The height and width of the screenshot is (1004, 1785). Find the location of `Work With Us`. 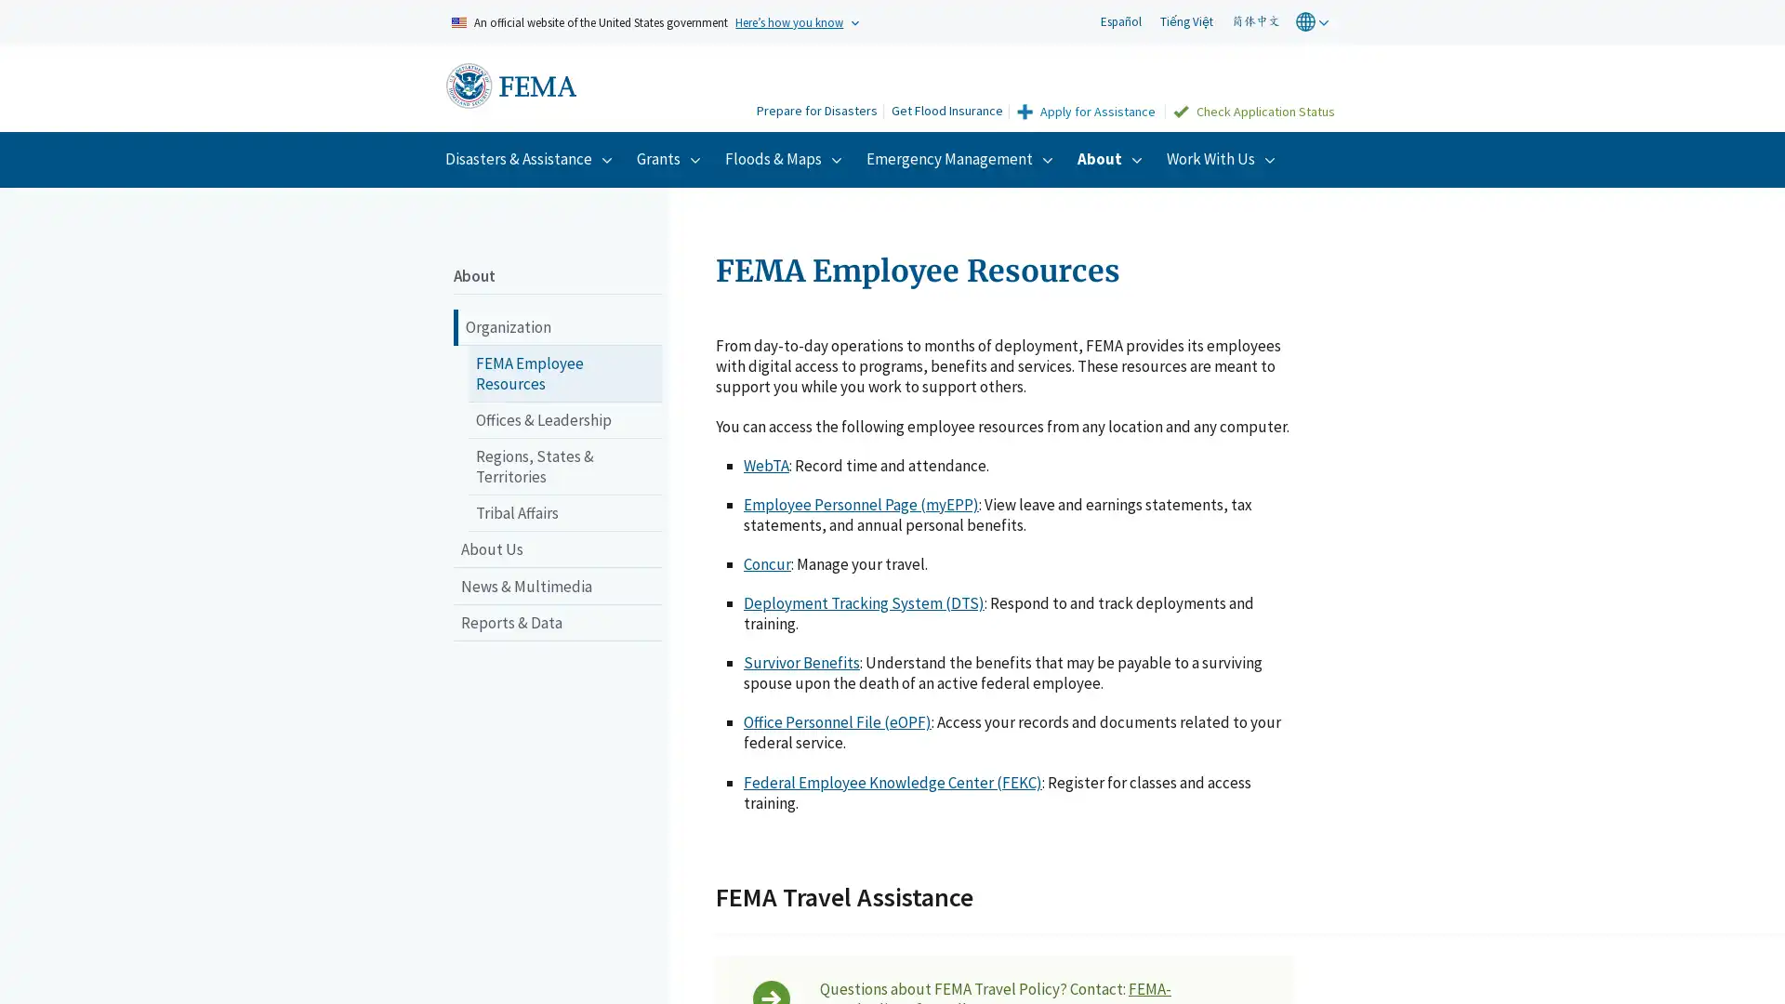

Work With Us is located at coordinates (1223, 157).